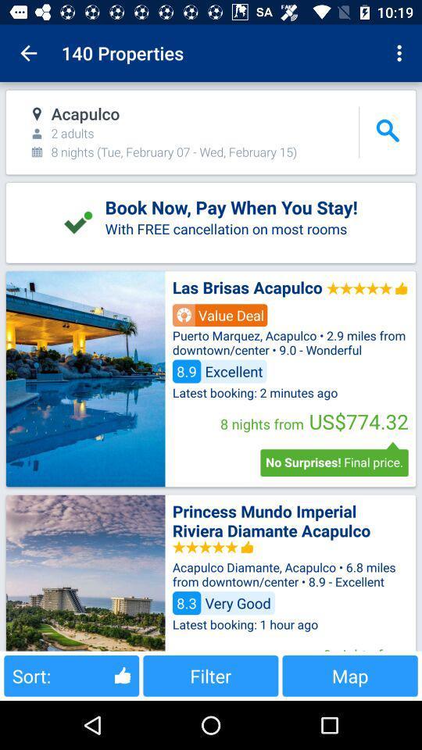 The image size is (422, 750). I want to click on open website, so click(85, 572).